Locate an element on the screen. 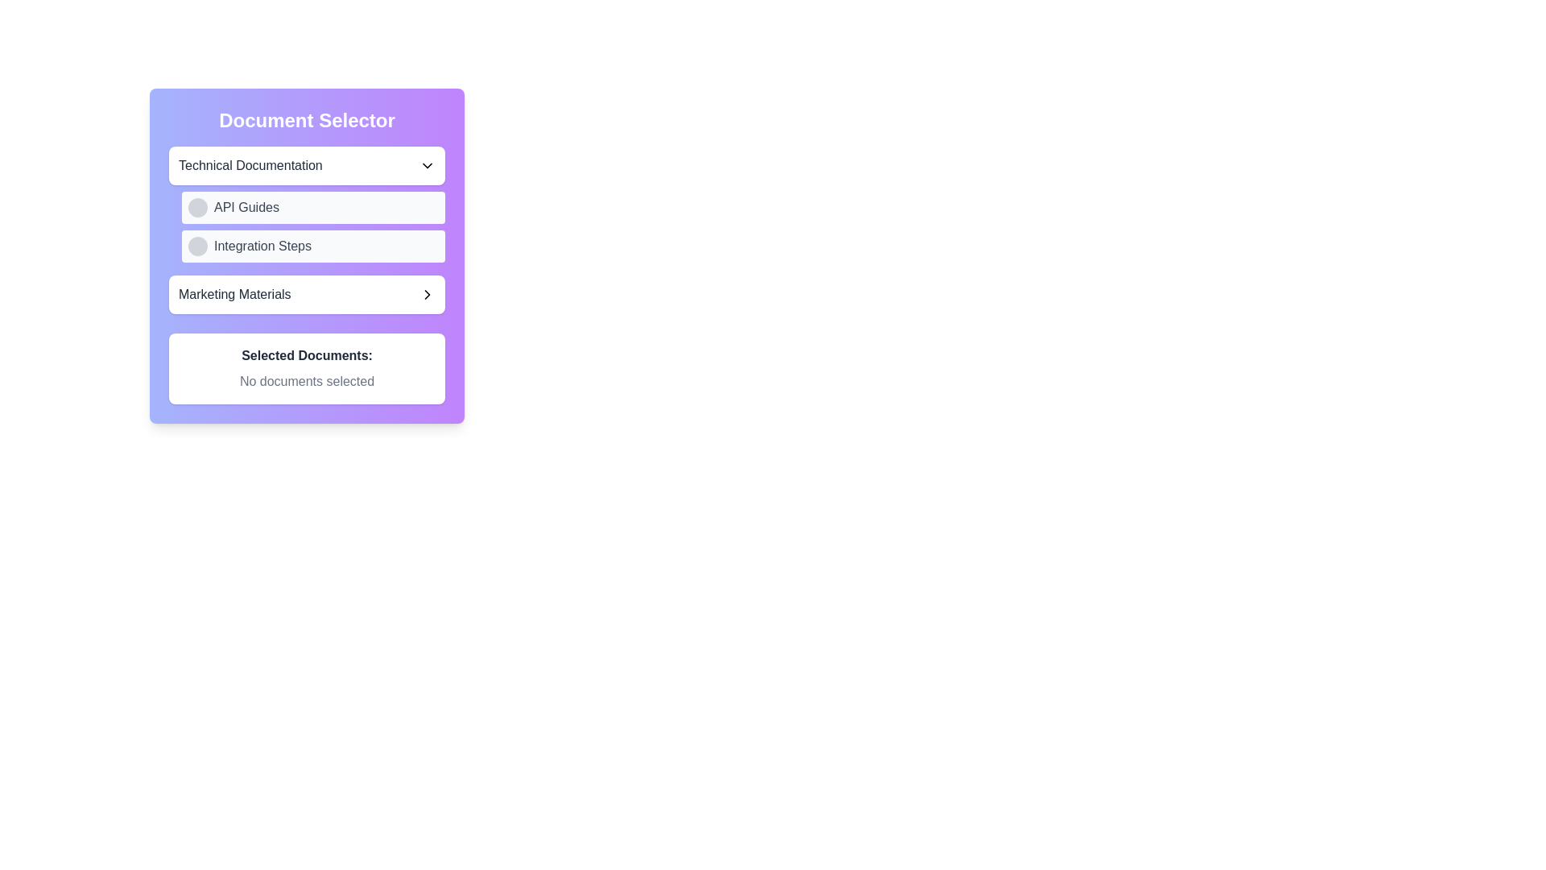  text displayed in the 'Technical Documentation' Text Label, which is bold and dark gray, located near the top of the 'Document Selector' form is located at coordinates (250, 165).